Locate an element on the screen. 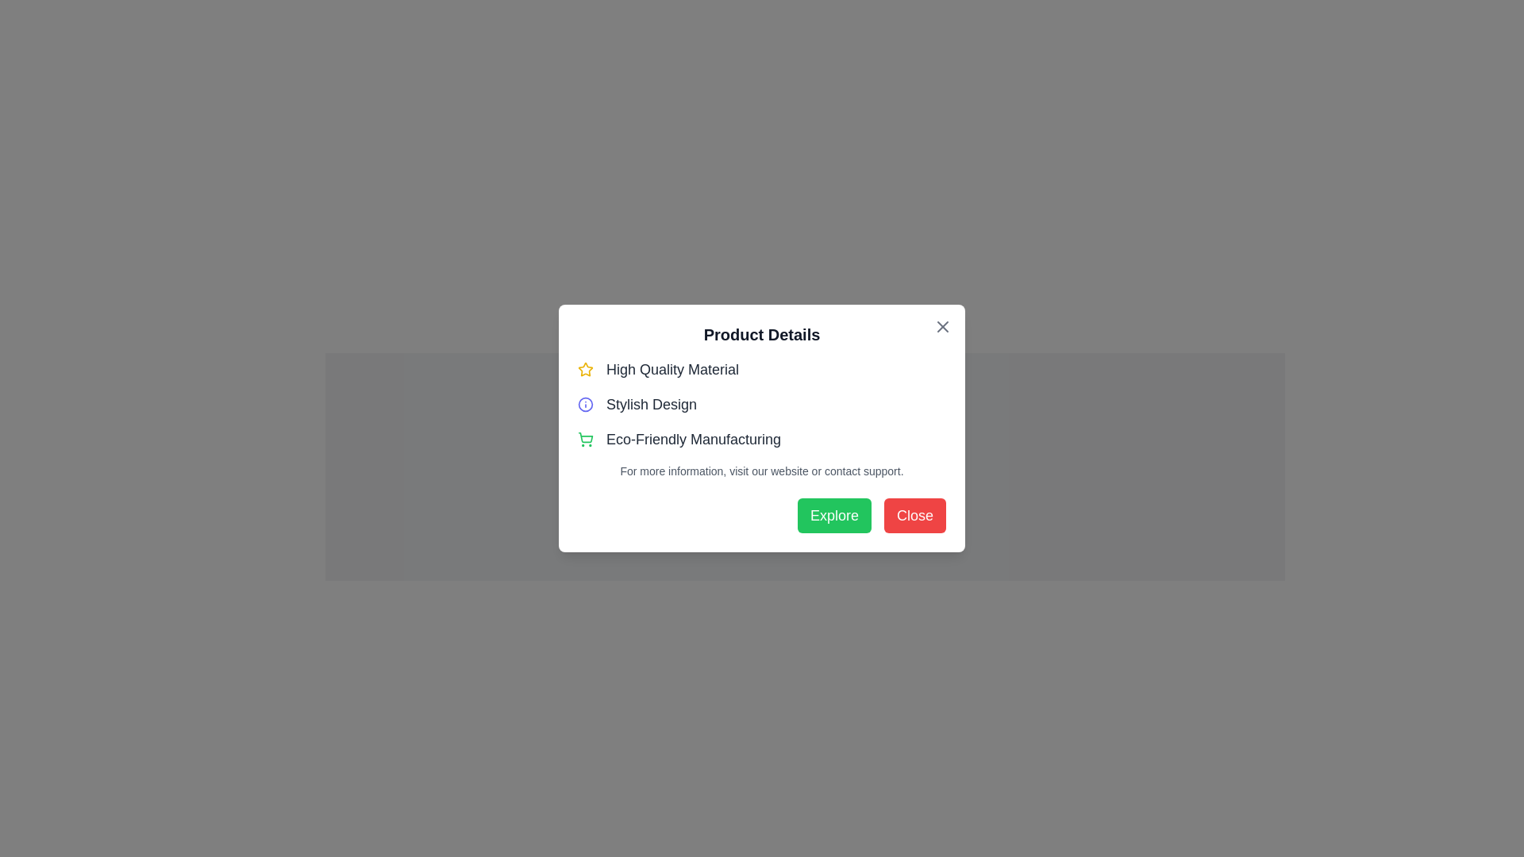  the ecological manufacturing feature text with icon, which is the third item in the list of features within the 'Product Details' modal, situated below 'Stylish Design' and above the support contact note is located at coordinates (762, 440).